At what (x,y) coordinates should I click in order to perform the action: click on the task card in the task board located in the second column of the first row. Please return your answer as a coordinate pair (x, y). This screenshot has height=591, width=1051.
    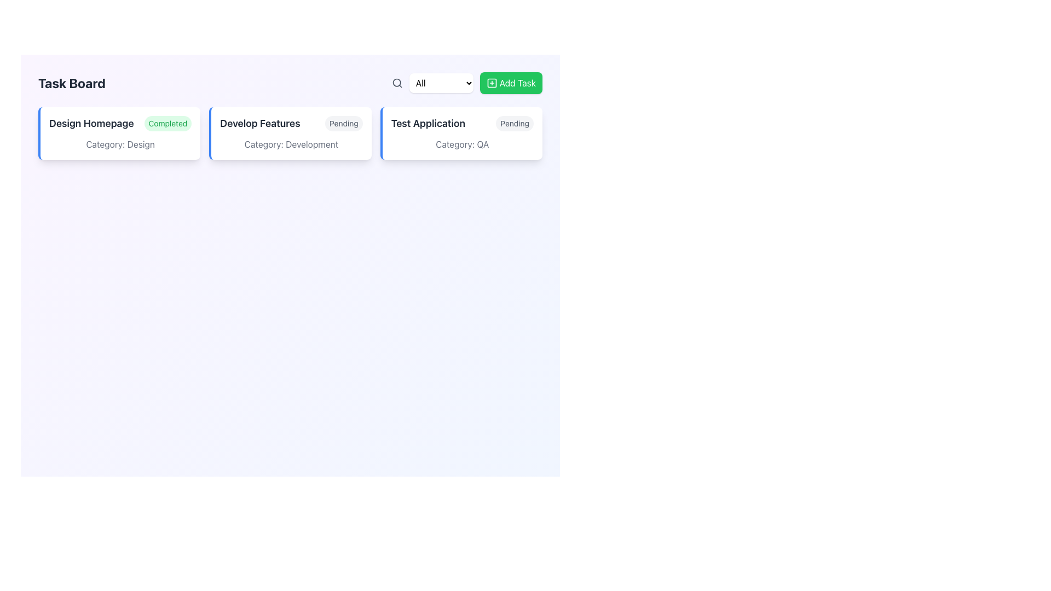
    Looking at the image, I should click on (290, 132).